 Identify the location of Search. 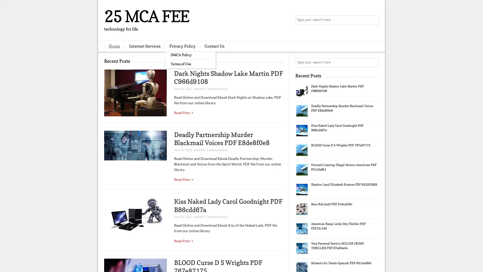
(374, 20).